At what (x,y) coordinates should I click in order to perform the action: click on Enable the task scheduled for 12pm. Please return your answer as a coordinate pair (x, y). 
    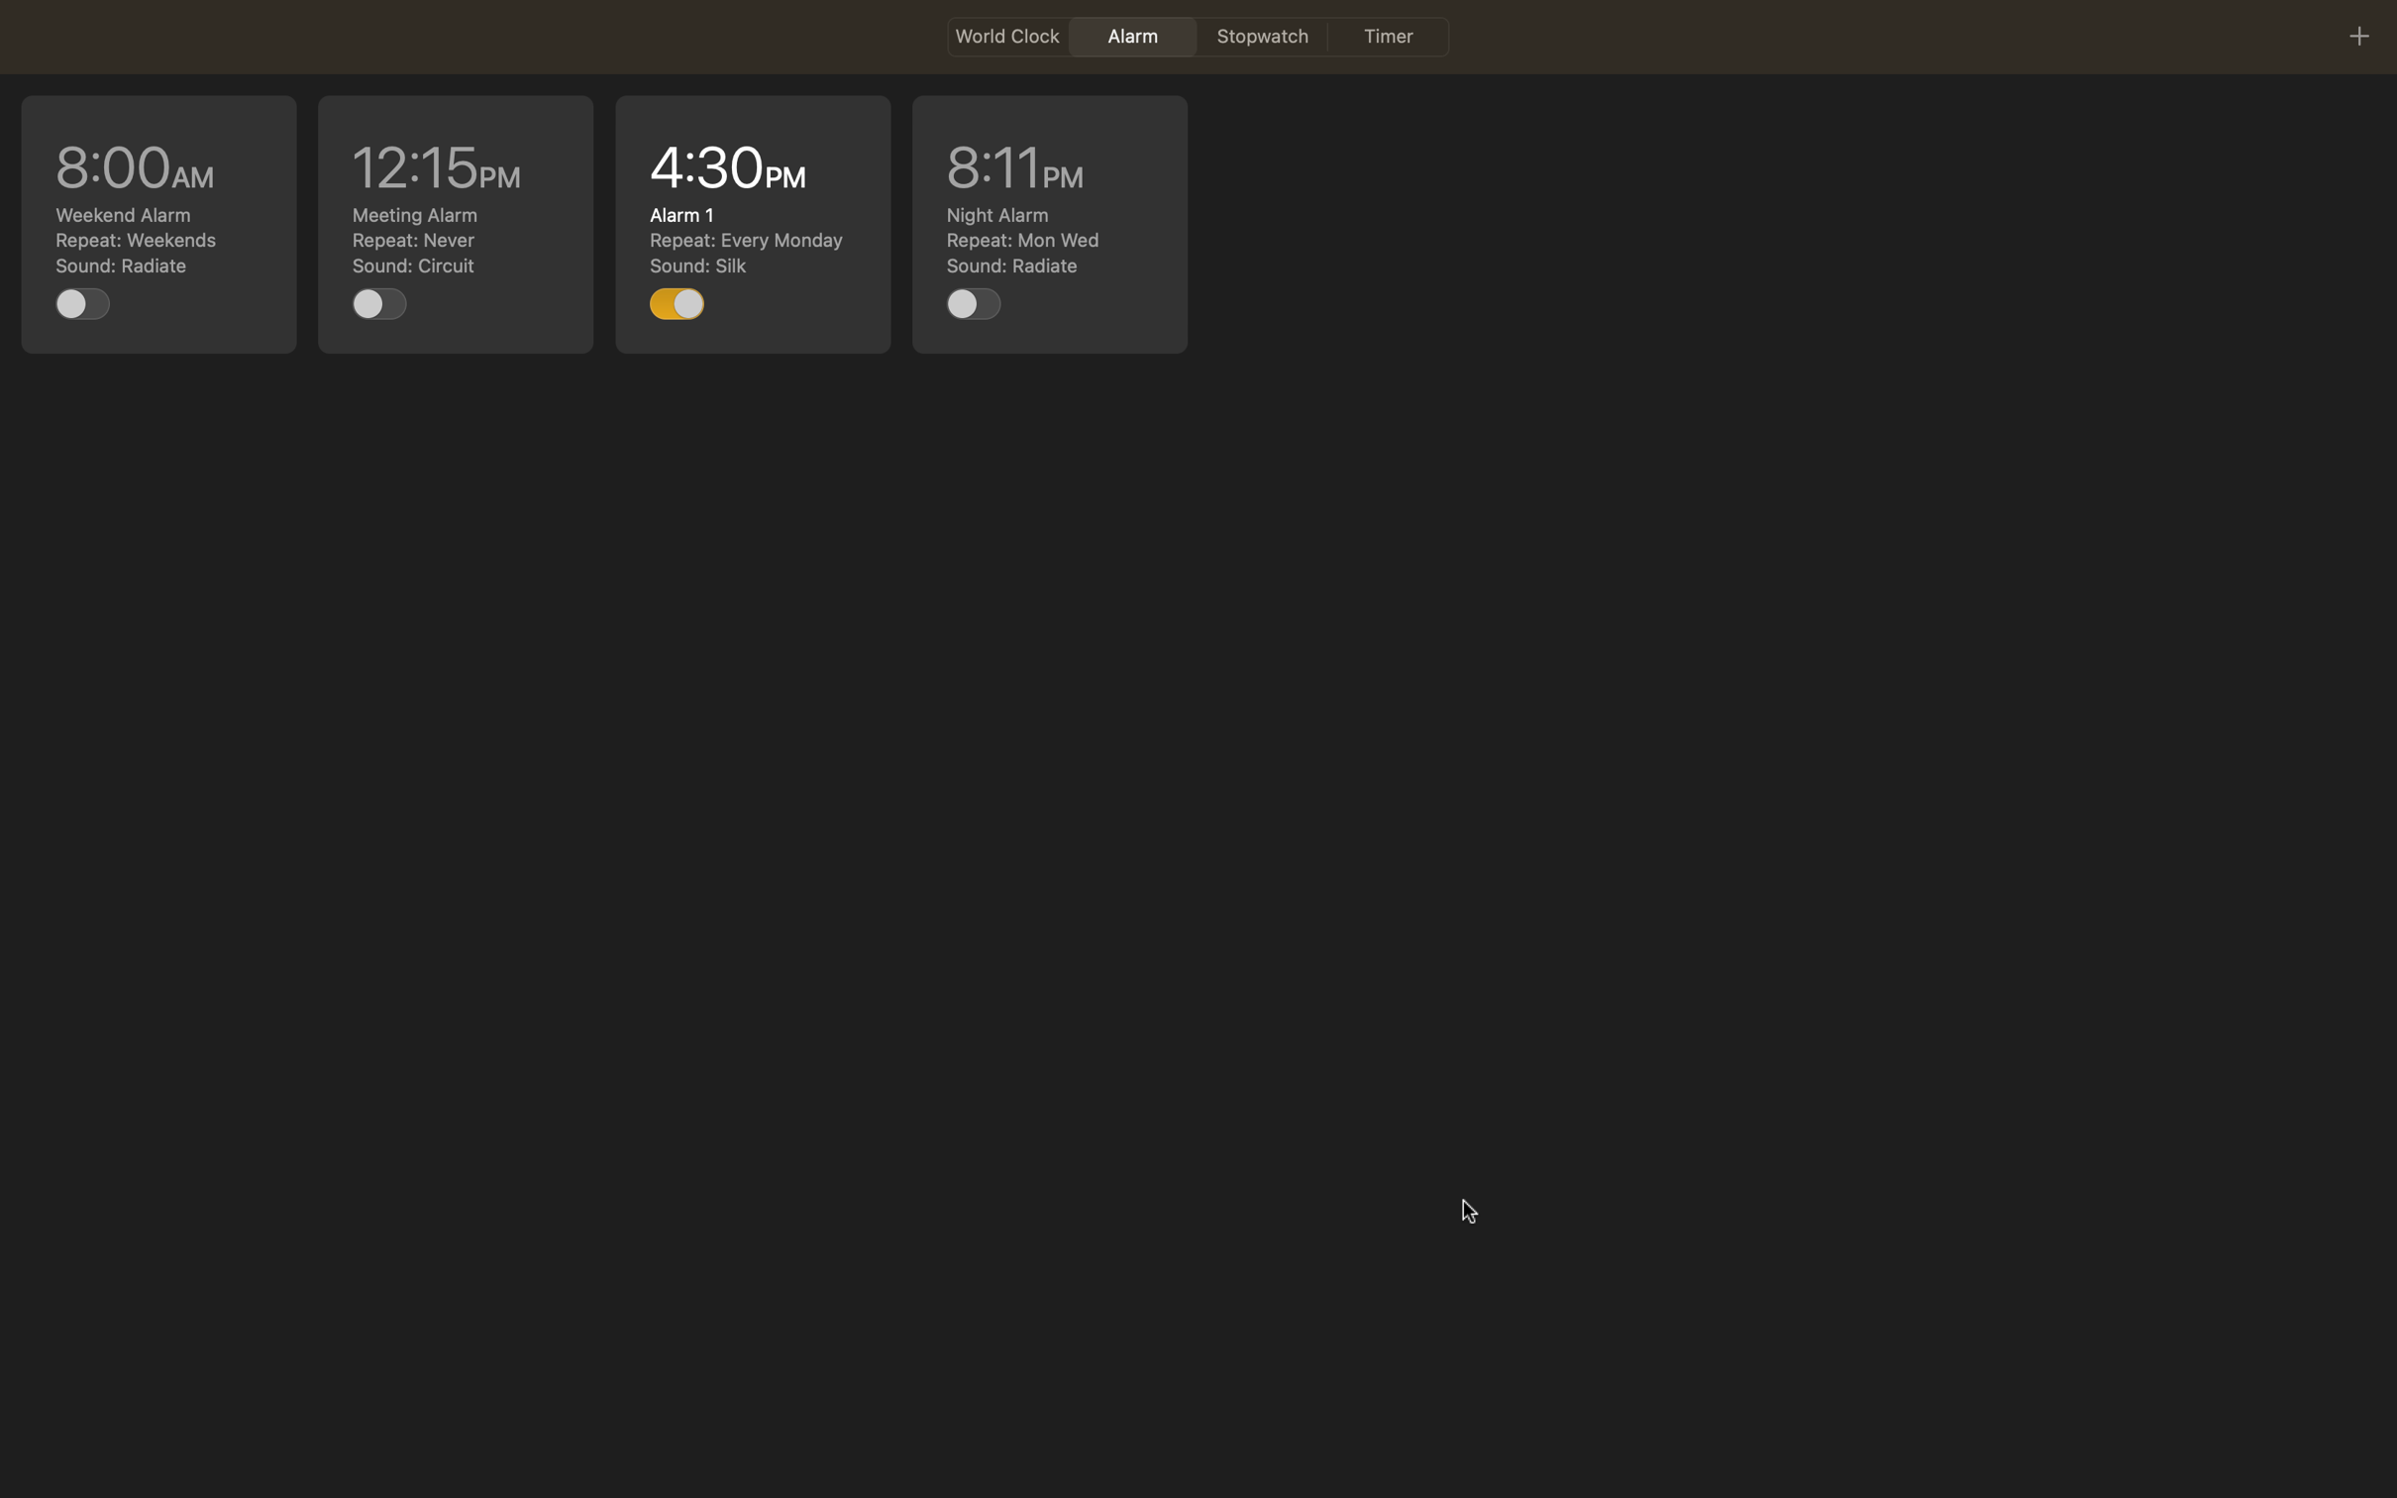
    Looking at the image, I should click on (379, 302).